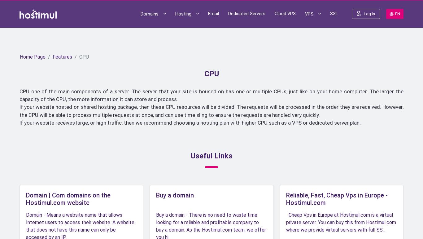 This screenshot has height=239, width=423. What do you see at coordinates (33, 57) in the screenshot?
I see `'Home Page'` at bounding box center [33, 57].